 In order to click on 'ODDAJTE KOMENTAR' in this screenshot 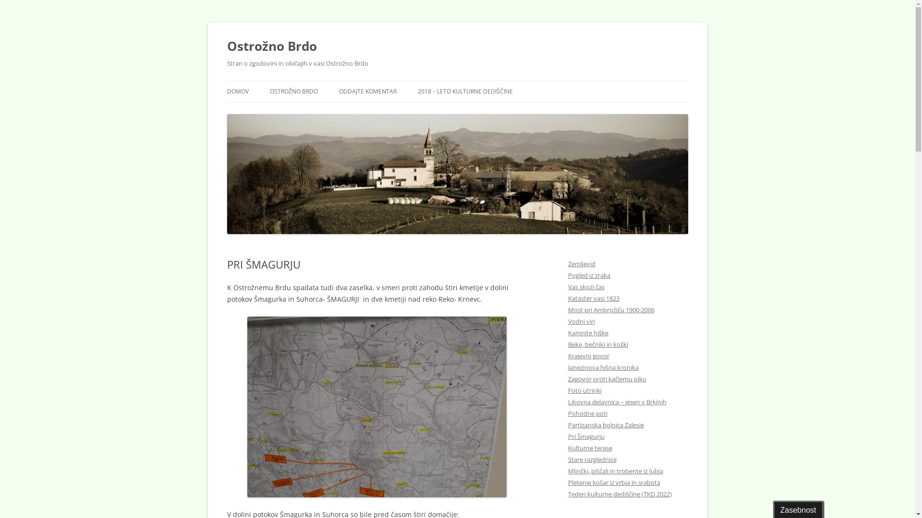, I will do `click(367, 92)`.